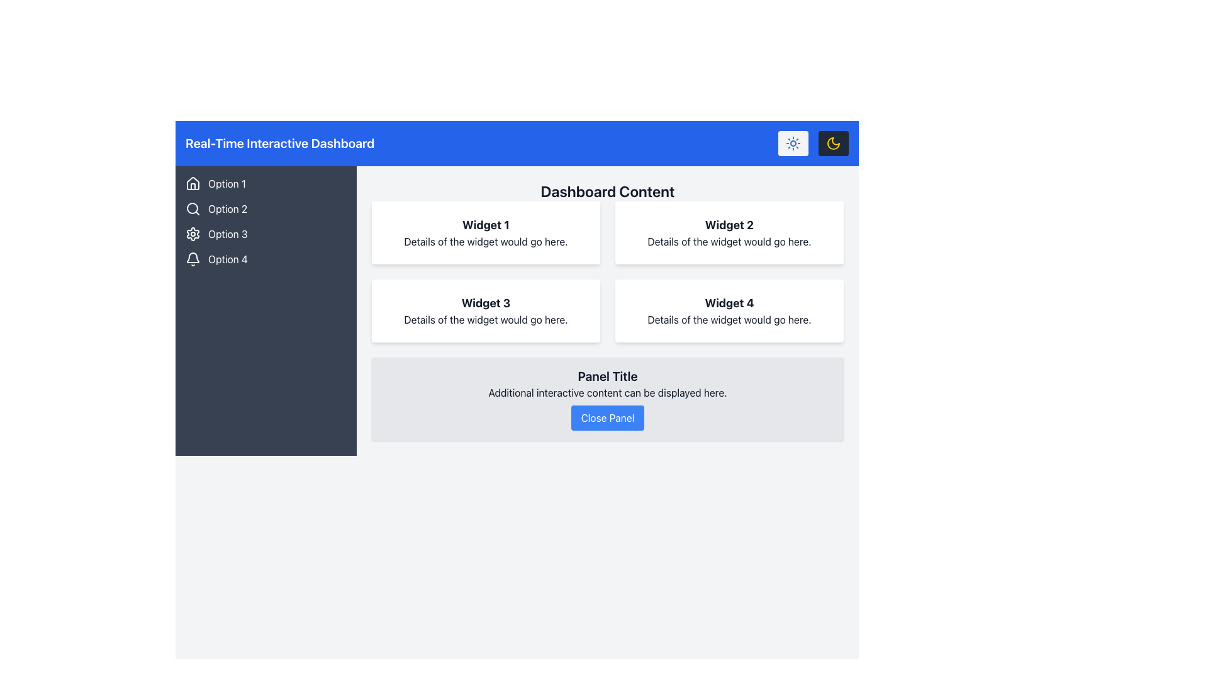 This screenshot has width=1208, height=680. Describe the element at coordinates (193, 208) in the screenshot. I see `the 'Option 2' navigation icon, which is located in the left-hand navigation bar and serves as a visual indicator for search functionality` at that location.